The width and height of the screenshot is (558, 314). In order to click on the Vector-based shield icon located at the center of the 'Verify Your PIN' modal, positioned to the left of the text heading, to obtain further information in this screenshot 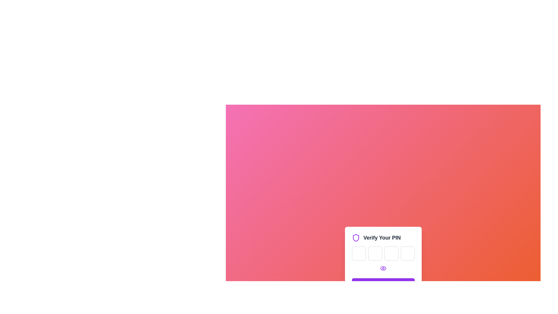, I will do `click(355, 238)`.